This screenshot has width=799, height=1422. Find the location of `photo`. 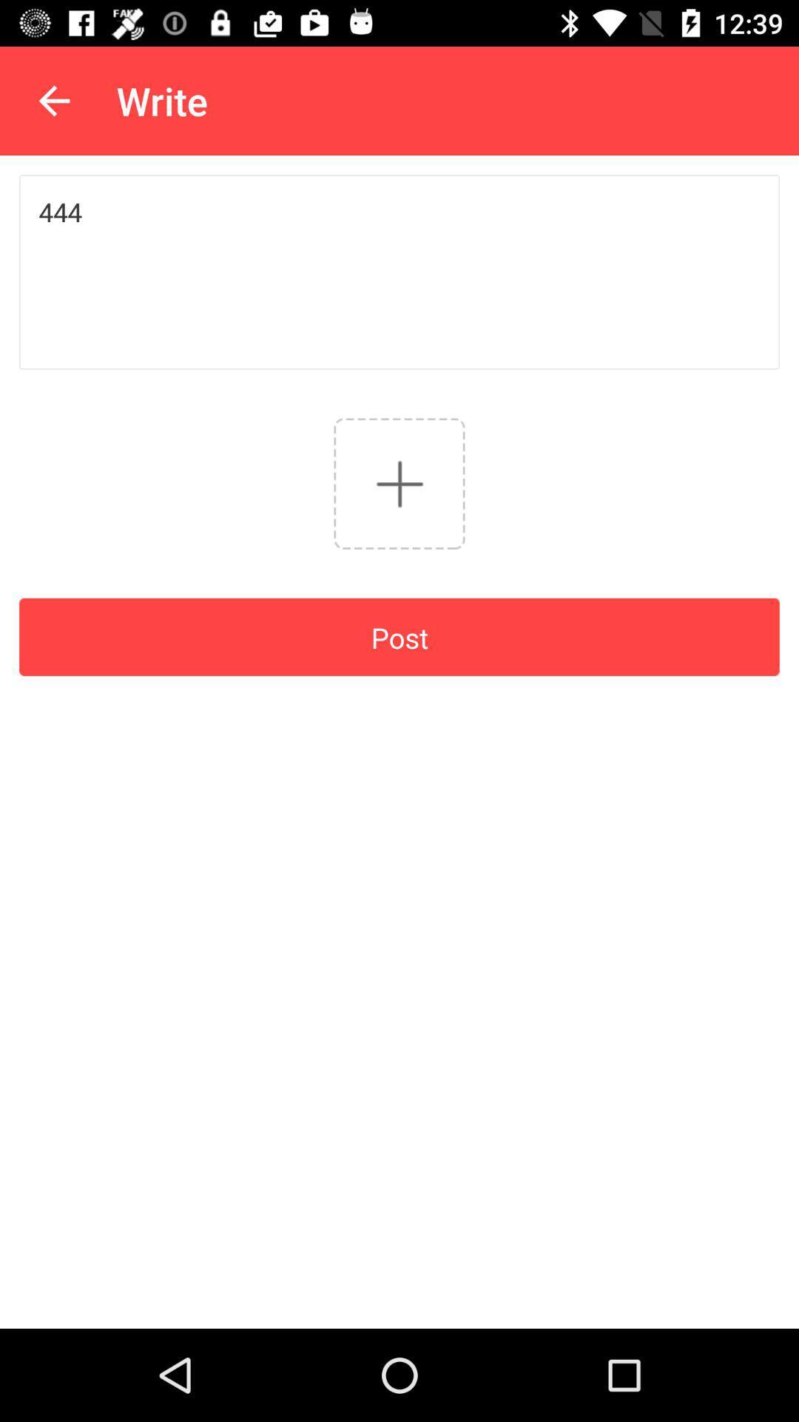

photo is located at coordinates (399, 484).